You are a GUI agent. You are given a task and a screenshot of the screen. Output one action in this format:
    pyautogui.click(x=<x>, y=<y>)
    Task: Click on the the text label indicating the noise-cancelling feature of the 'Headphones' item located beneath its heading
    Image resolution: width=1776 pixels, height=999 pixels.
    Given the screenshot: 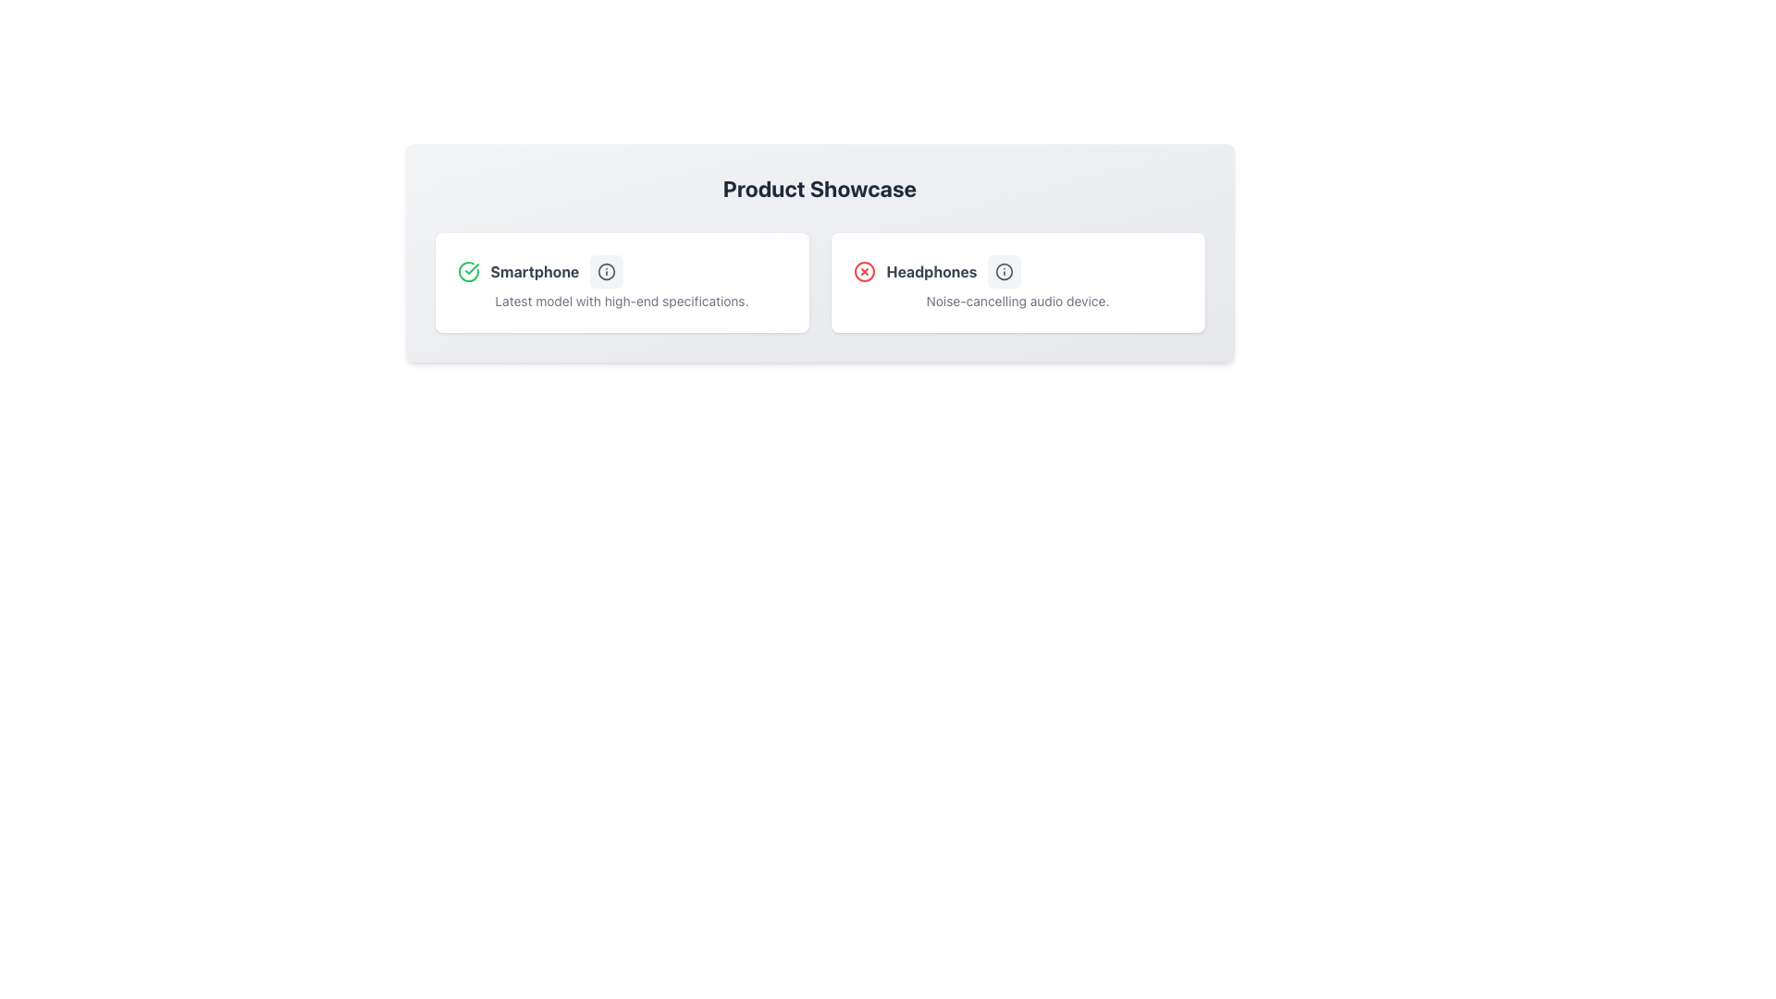 What is the action you would take?
    pyautogui.click(x=1017, y=301)
    